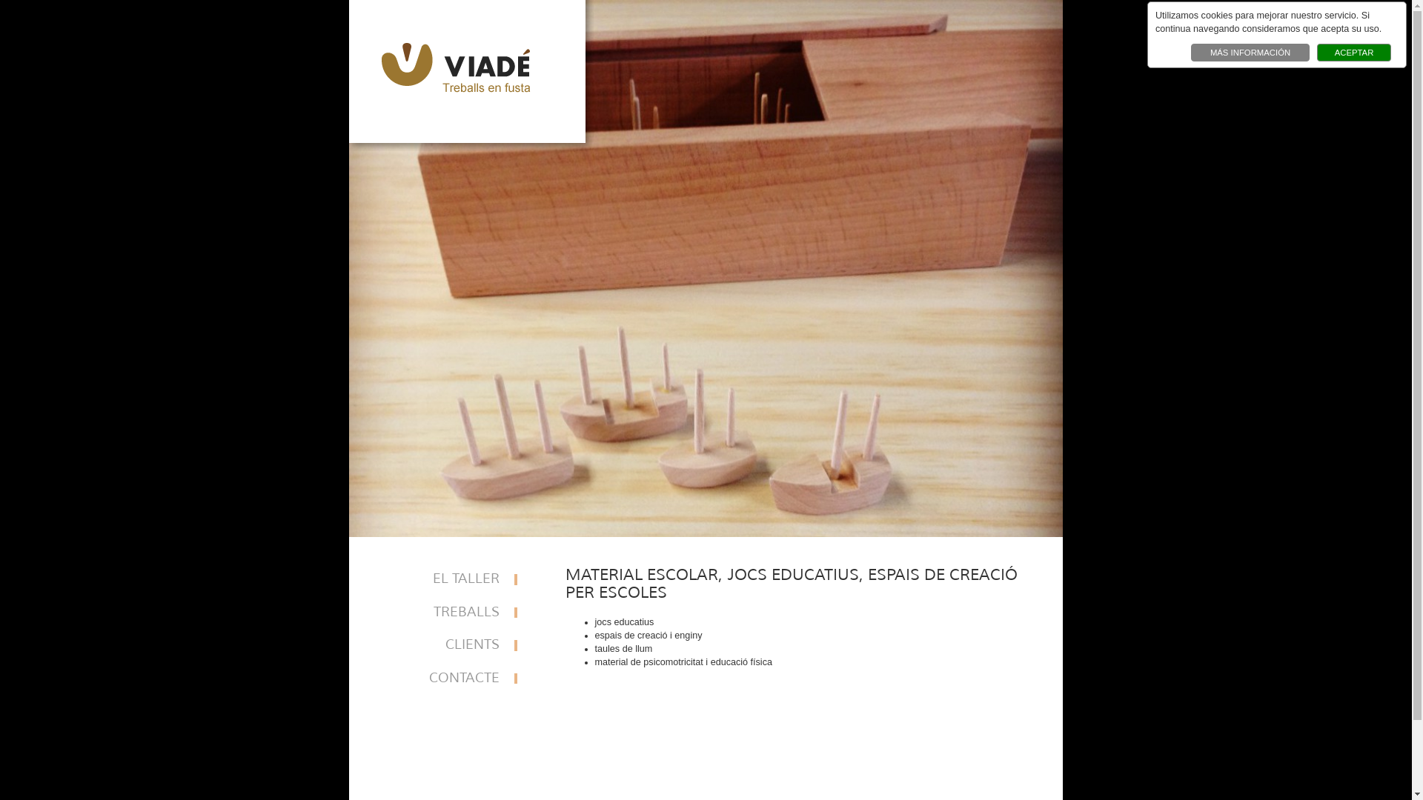 The width and height of the screenshot is (1423, 800). What do you see at coordinates (452, 644) in the screenshot?
I see `'CLIENTS'` at bounding box center [452, 644].